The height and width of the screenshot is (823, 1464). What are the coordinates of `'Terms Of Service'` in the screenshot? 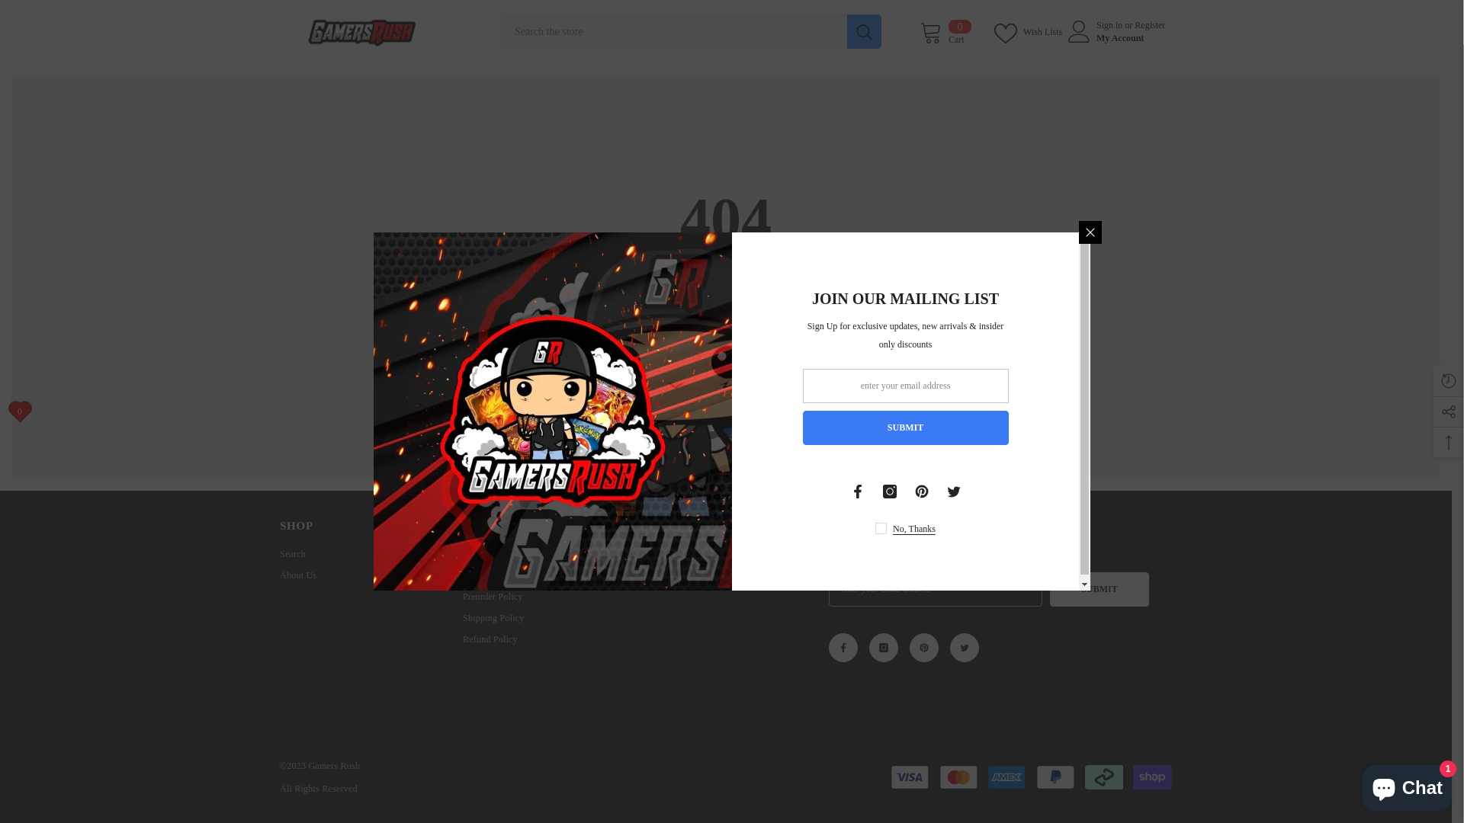 It's located at (496, 553).